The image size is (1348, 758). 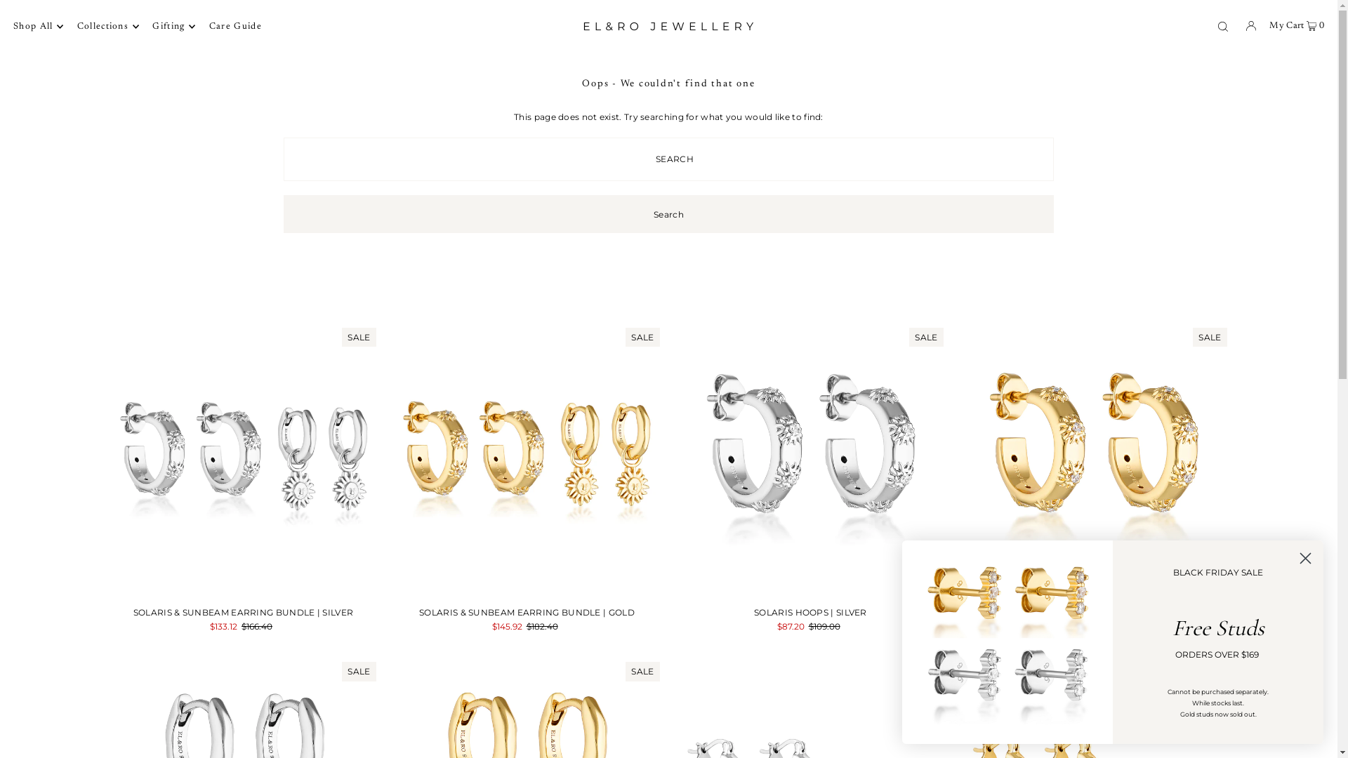 What do you see at coordinates (235, 26) in the screenshot?
I see `'Care Guide'` at bounding box center [235, 26].